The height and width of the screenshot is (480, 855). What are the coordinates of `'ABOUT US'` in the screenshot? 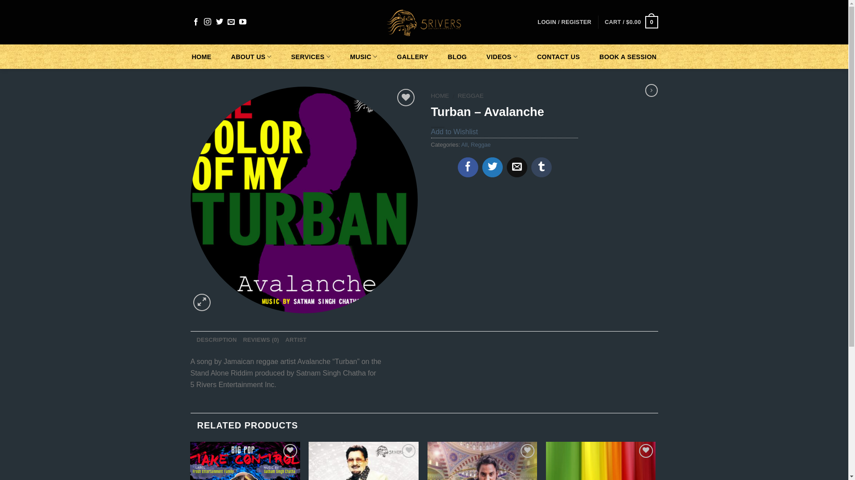 It's located at (251, 56).